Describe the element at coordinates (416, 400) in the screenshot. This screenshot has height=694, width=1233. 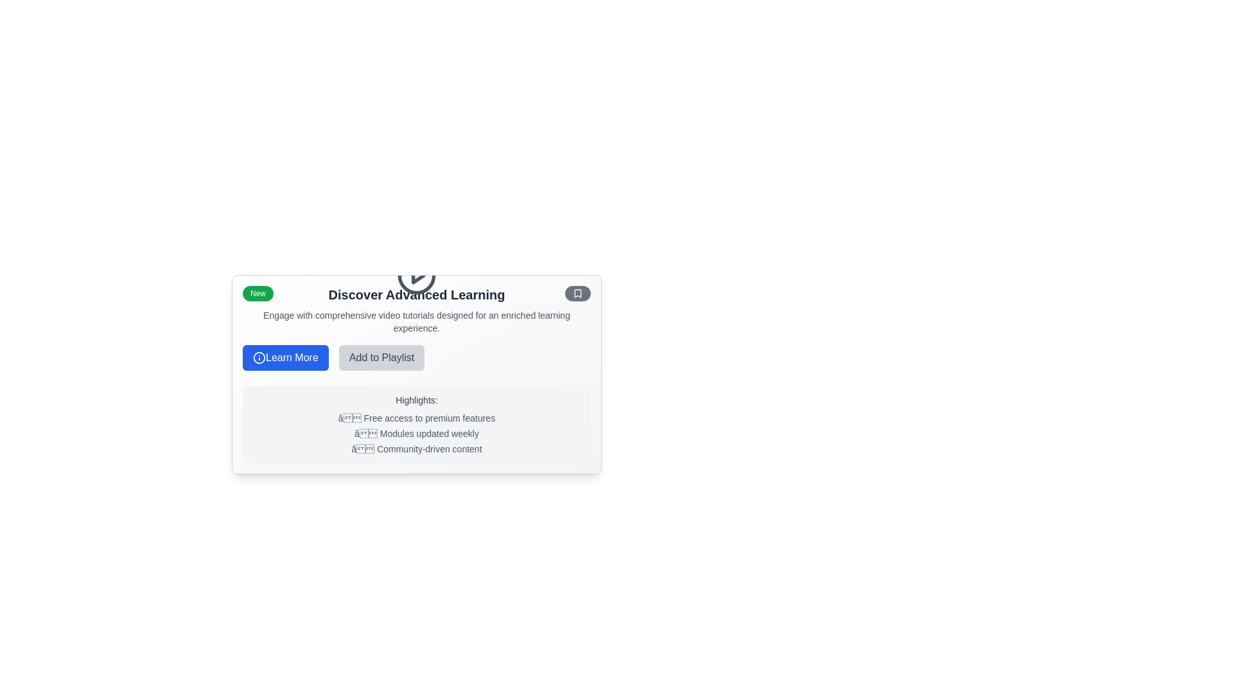
I see `the text label 'Highlights:' which is styled in a small, bold font and positioned at the top of a section displaying additional features` at that location.